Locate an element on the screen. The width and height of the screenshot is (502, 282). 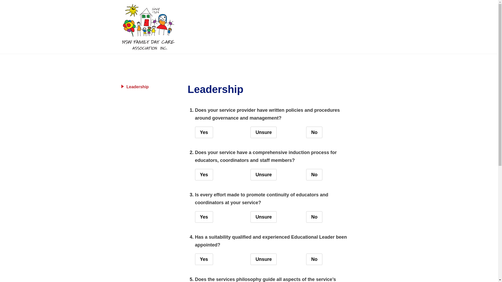
'Leadership' is located at coordinates (122, 86).